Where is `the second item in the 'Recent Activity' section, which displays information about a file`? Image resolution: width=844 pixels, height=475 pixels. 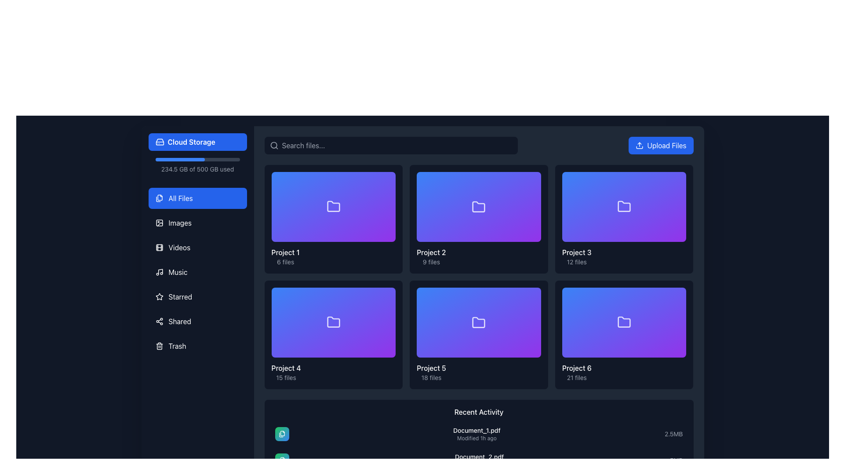
the second item in the 'Recent Activity' section, which displays information about a file is located at coordinates (478, 460).